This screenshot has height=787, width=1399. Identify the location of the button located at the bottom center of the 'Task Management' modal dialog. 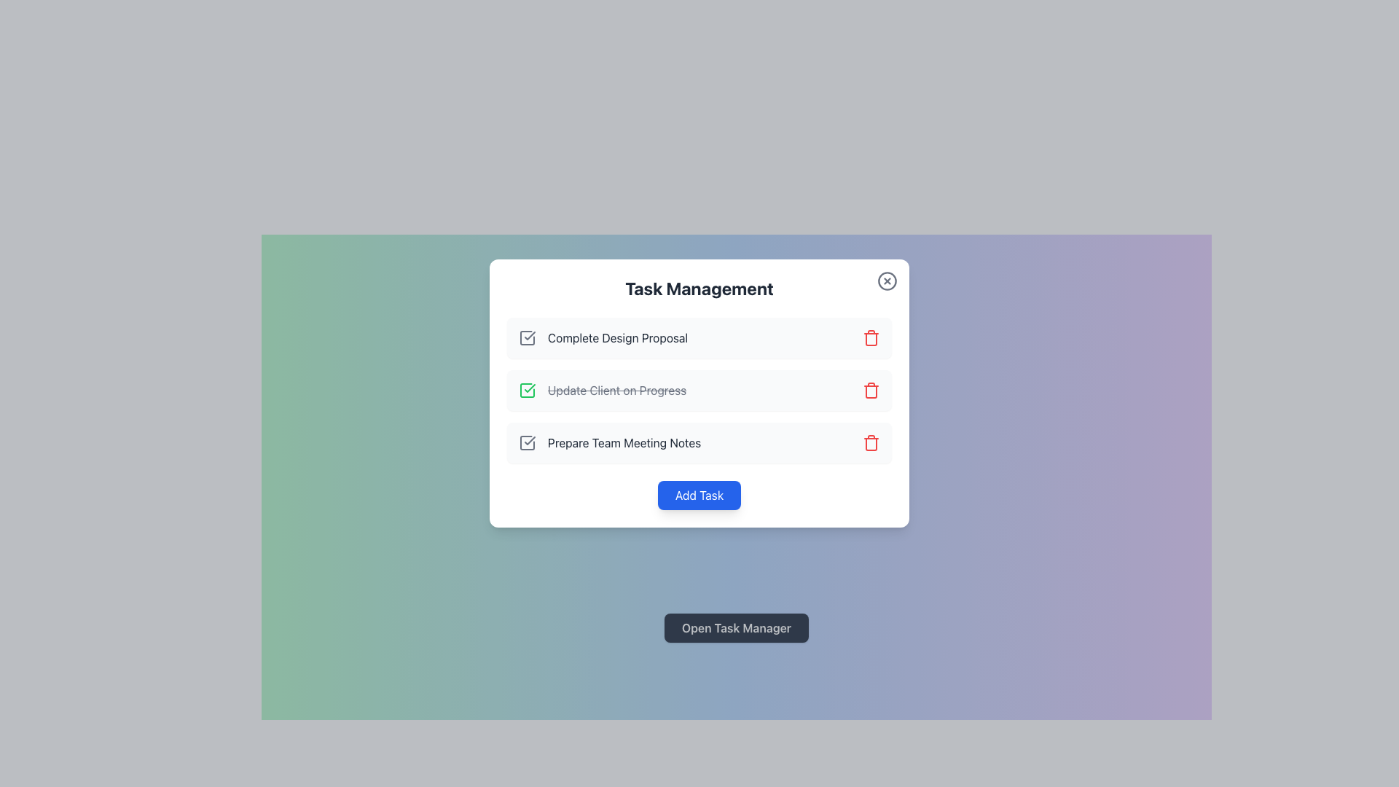
(699, 494).